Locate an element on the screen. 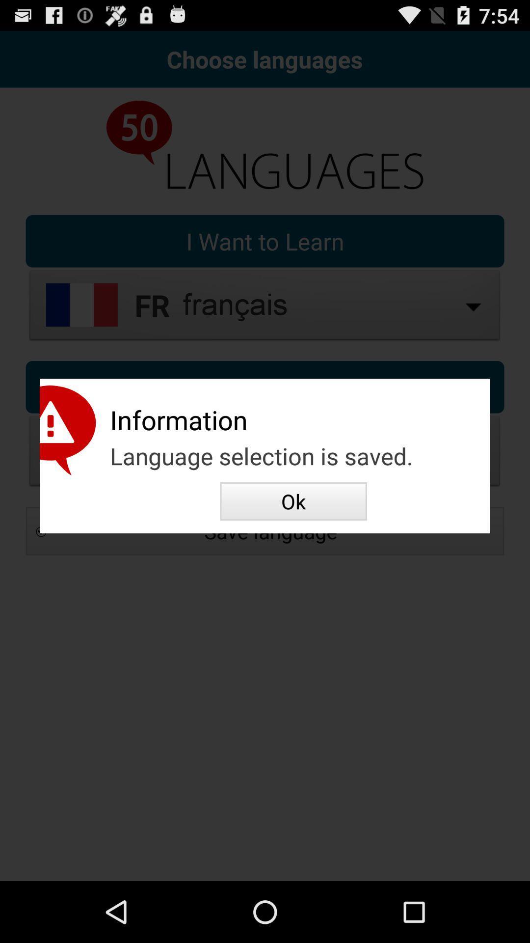 The height and width of the screenshot is (943, 530). the item below the language selection is app is located at coordinates (293, 501).